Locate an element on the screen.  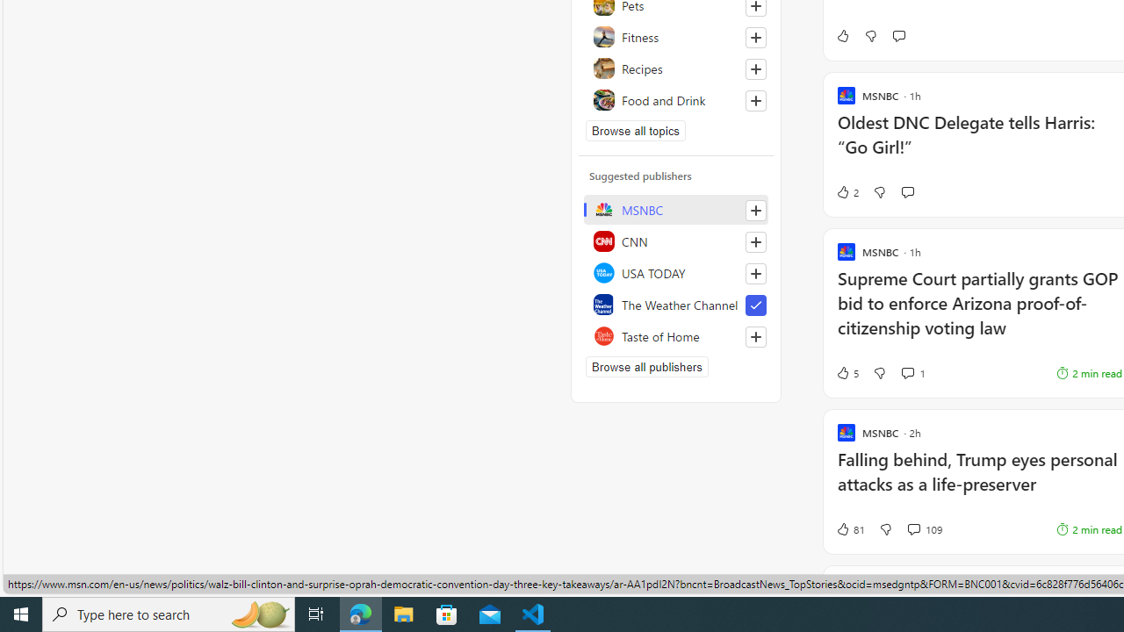
'Follow this source' is located at coordinates (755, 337).